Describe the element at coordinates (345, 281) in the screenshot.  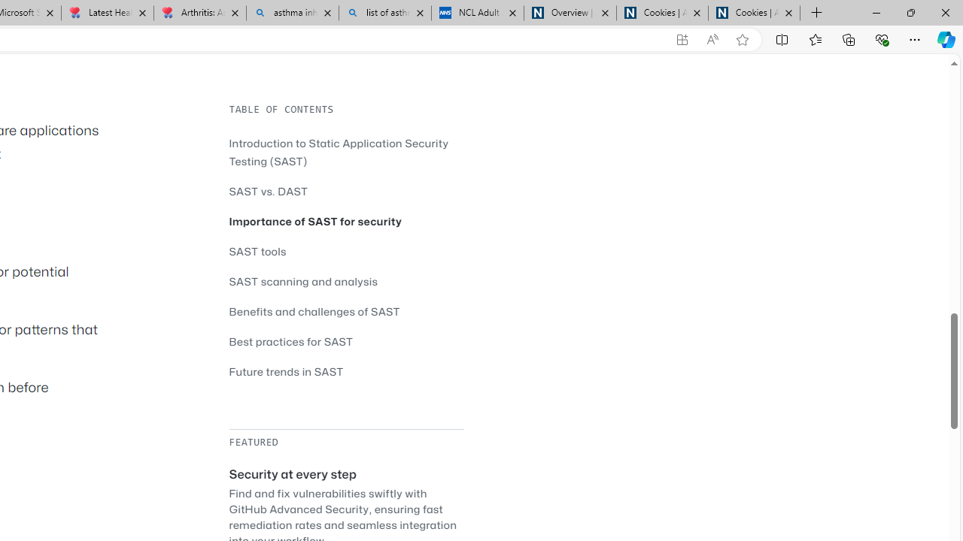
I see `'SAST scanning and analysis'` at that location.